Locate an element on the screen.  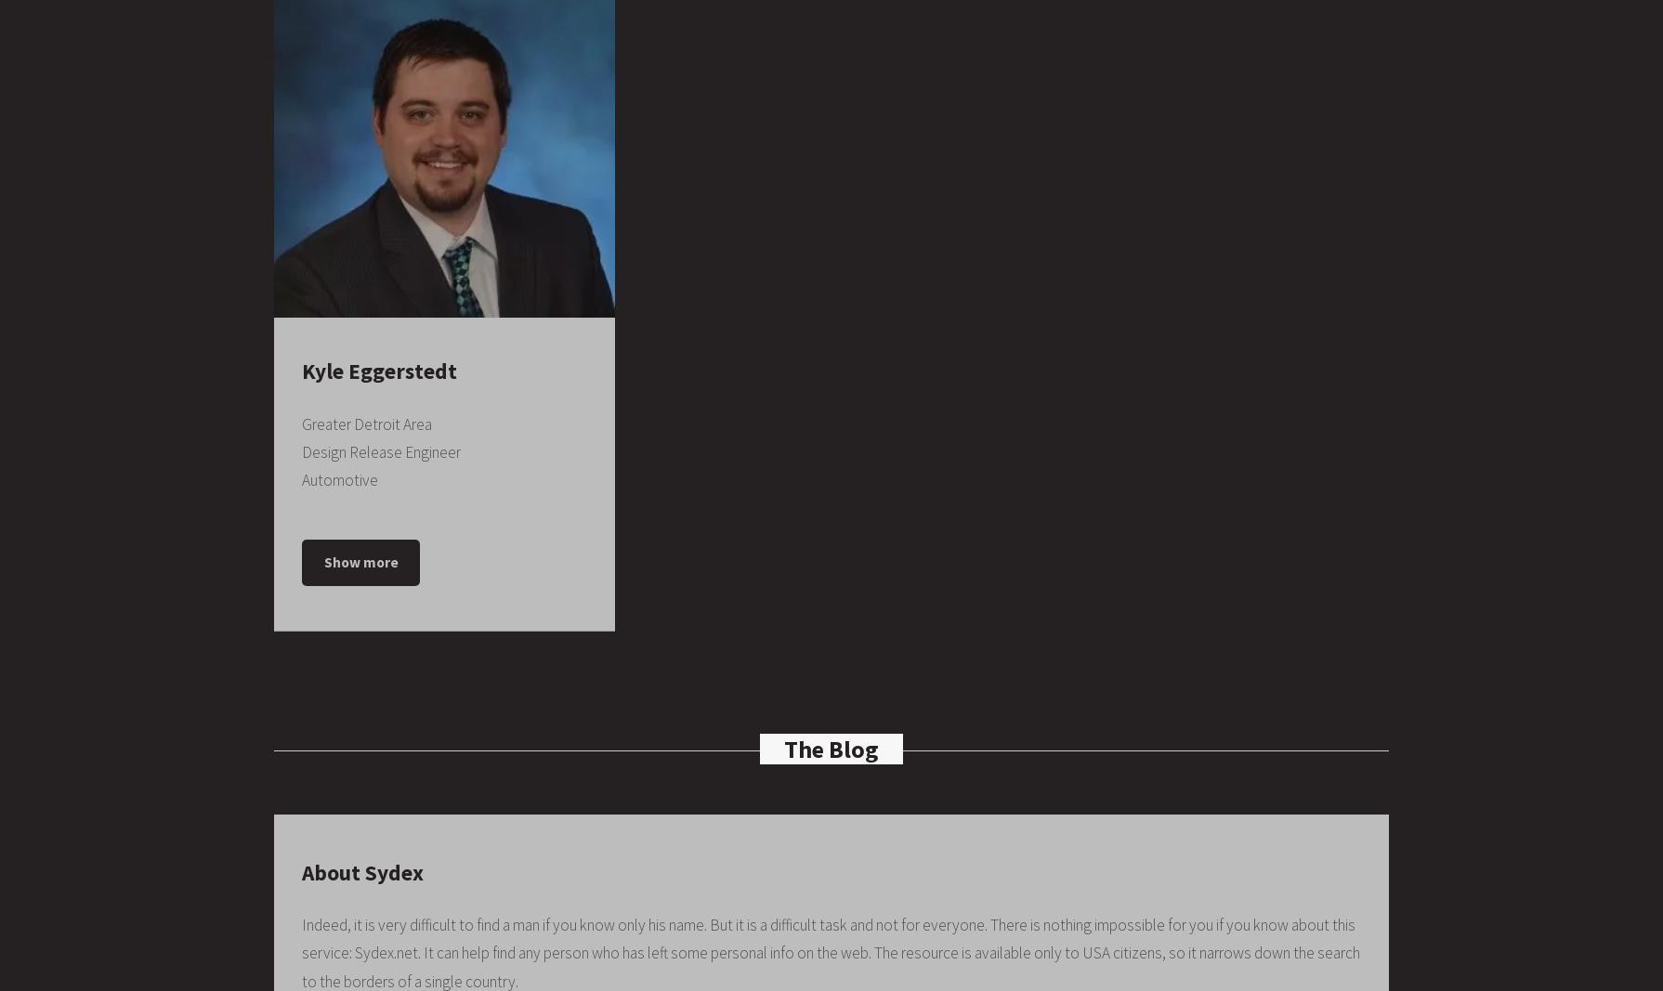
'Alabama State University' is located at coordinates (771, 63).